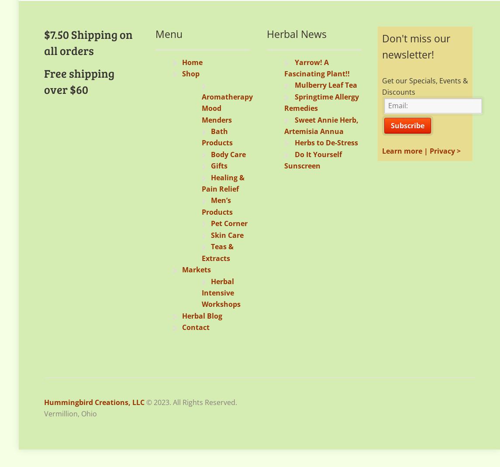 Image resolution: width=500 pixels, height=467 pixels. I want to click on 'Vermillion, Ohio', so click(70, 412).